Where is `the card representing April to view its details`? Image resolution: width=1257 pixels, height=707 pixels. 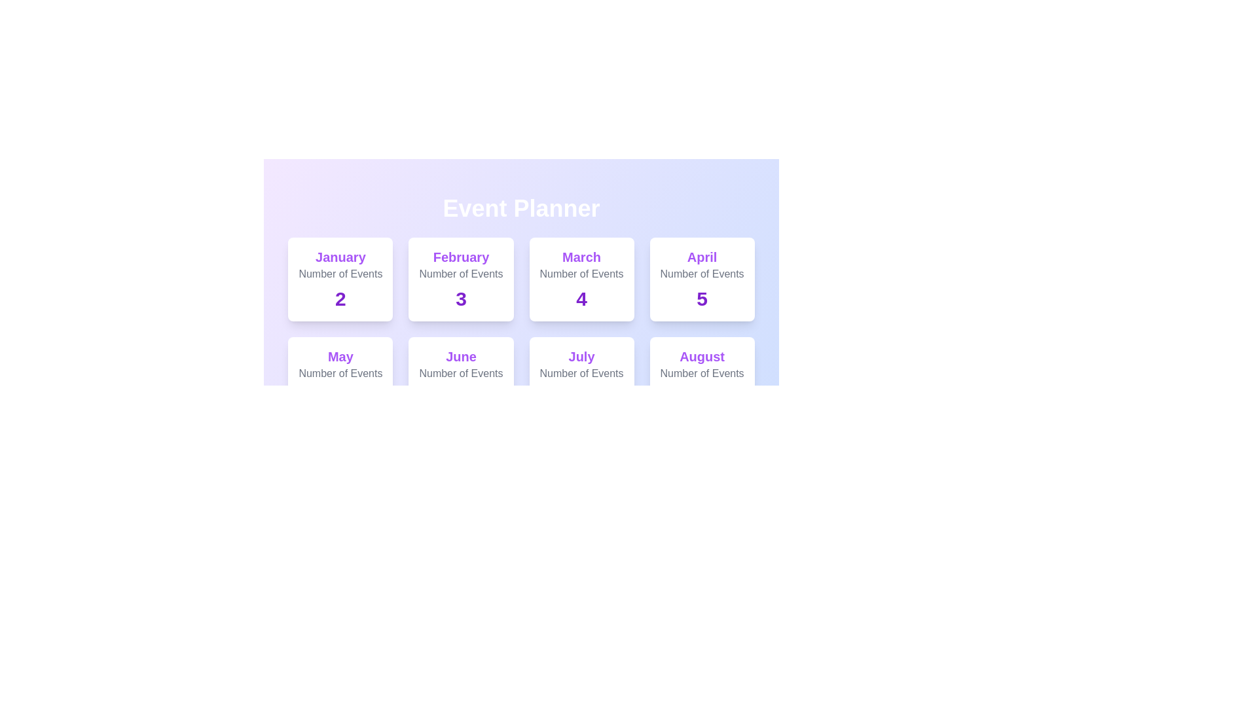 the card representing April to view its details is located at coordinates (701, 279).